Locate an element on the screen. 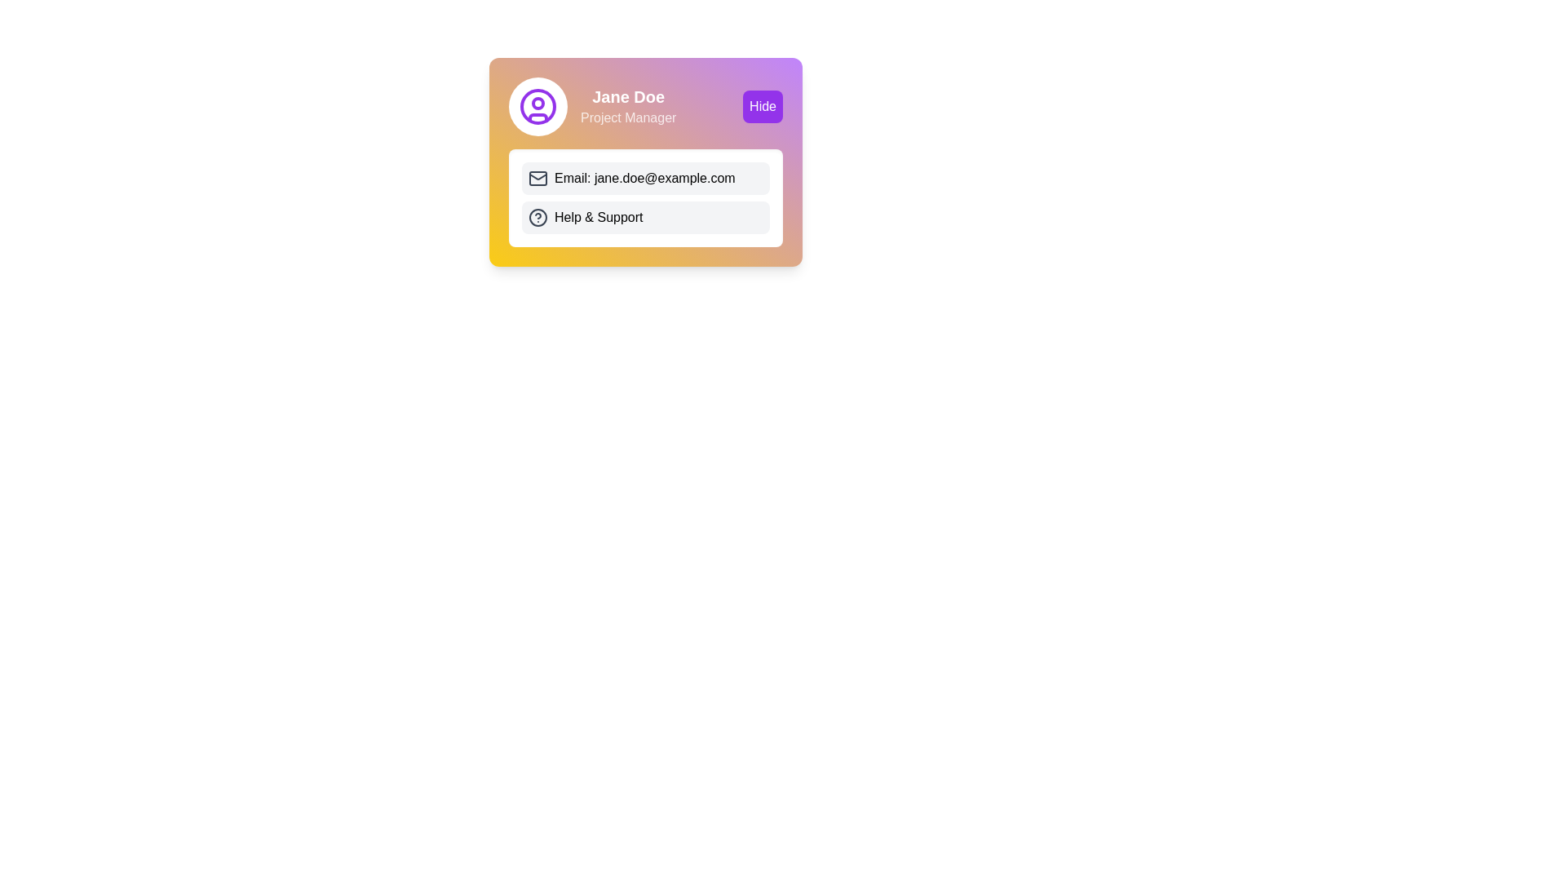 This screenshot has width=1566, height=881. the Text Display element containing 'Jane Doe' and 'Project Manager' text, which is centrally located in a card-like component and positioned to the right of a circular user icon is located at coordinates (627, 107).